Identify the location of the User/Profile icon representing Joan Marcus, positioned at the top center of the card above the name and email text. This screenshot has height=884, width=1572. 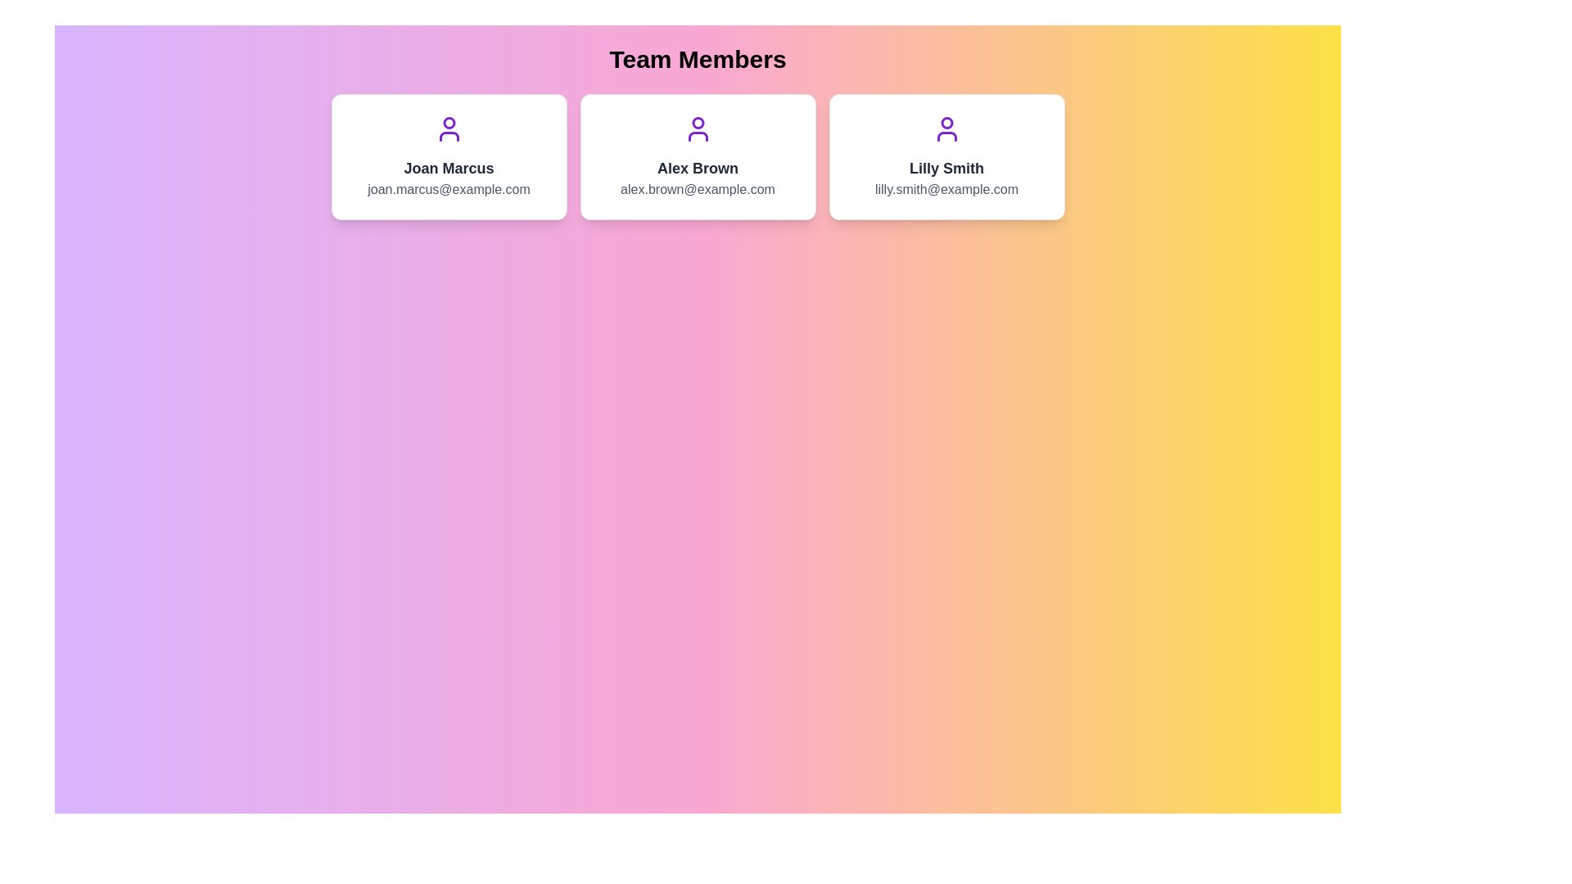
(449, 129).